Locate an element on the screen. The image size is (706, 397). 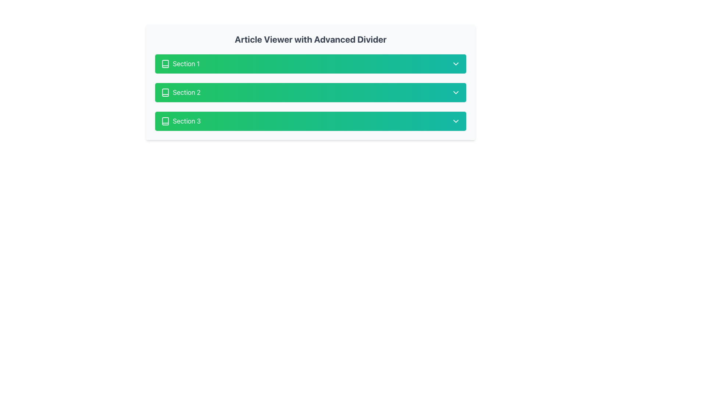
the toggle icon located on the right side of the 'Section 2' bar is located at coordinates (455, 92).